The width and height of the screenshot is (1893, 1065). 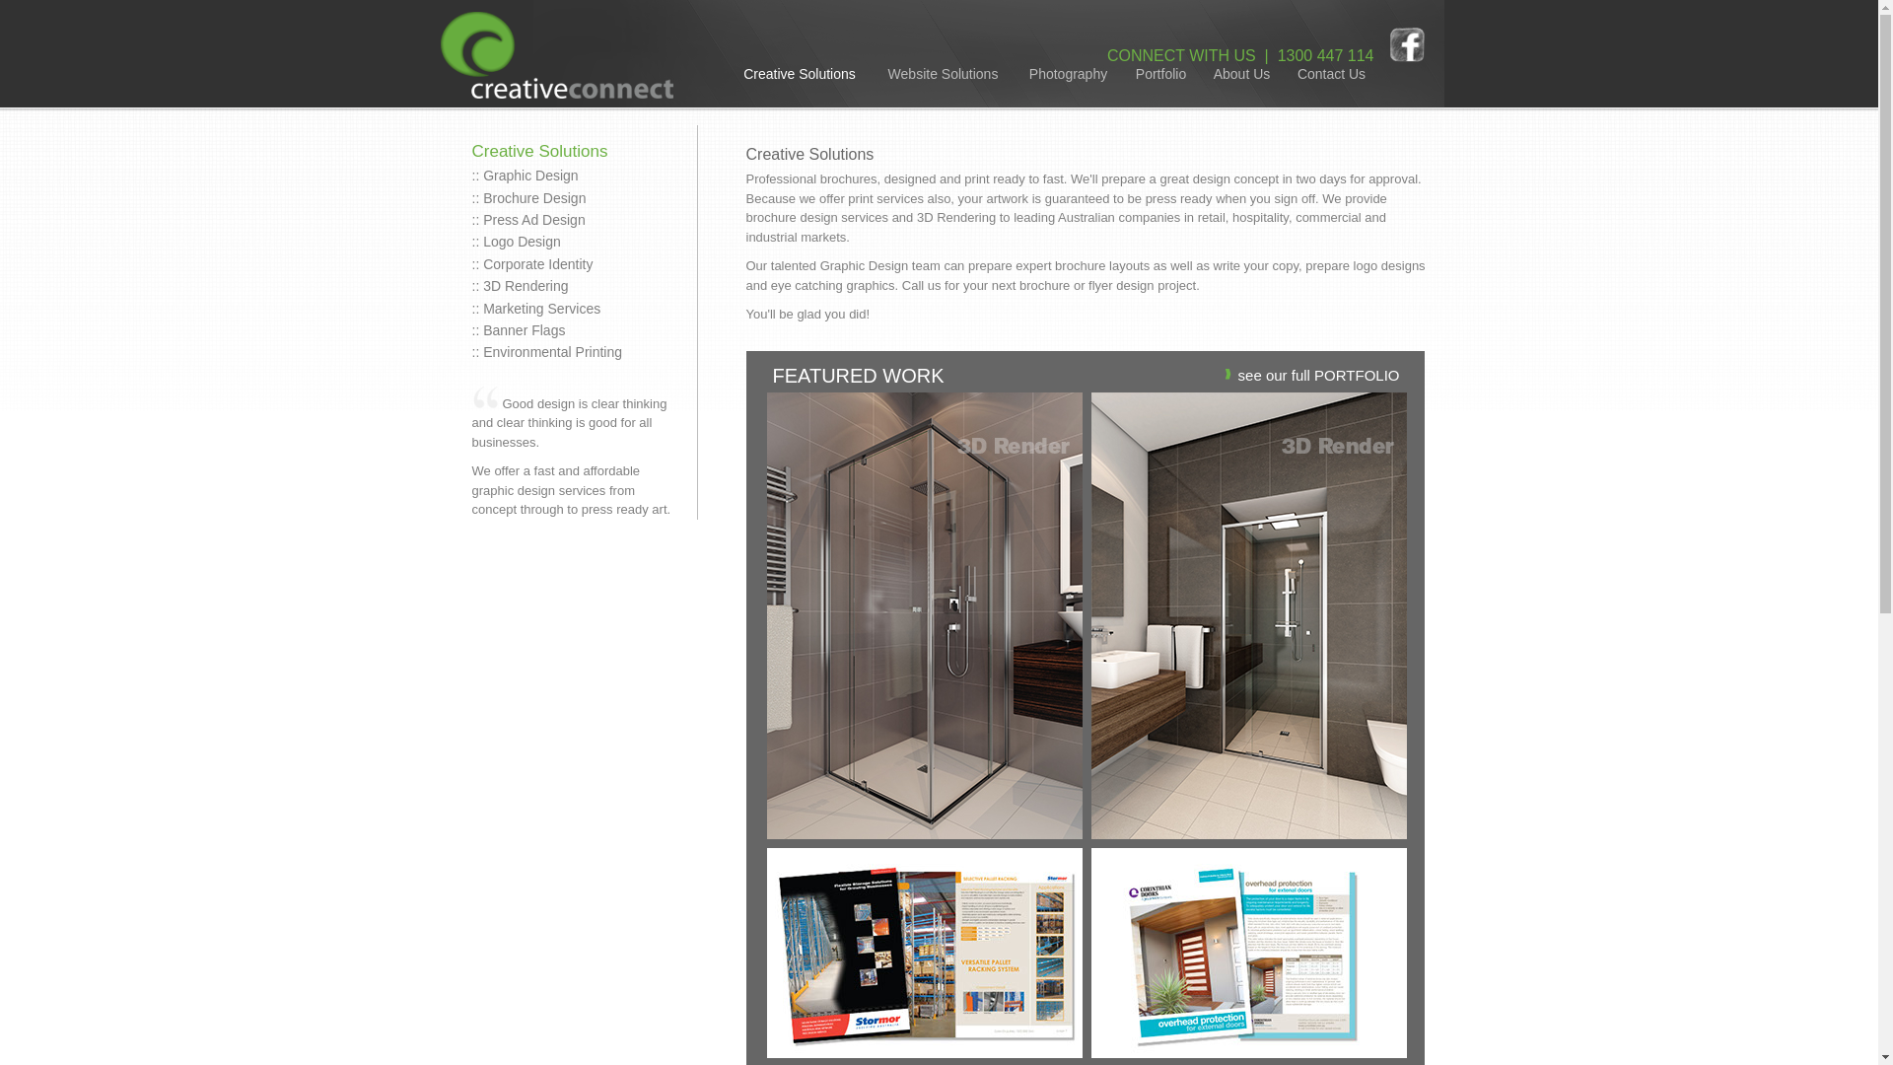 What do you see at coordinates (528, 197) in the screenshot?
I see `':: Brochure Design'` at bounding box center [528, 197].